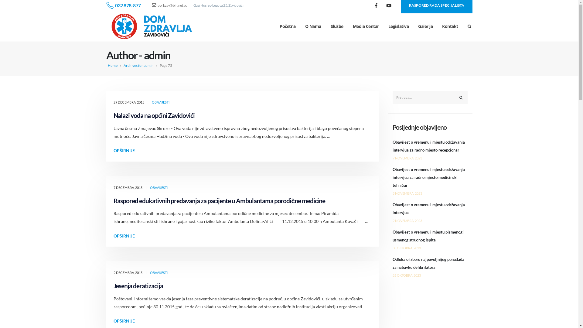 This screenshot has height=328, width=583. I want to click on 'Legislativa', so click(383, 26).